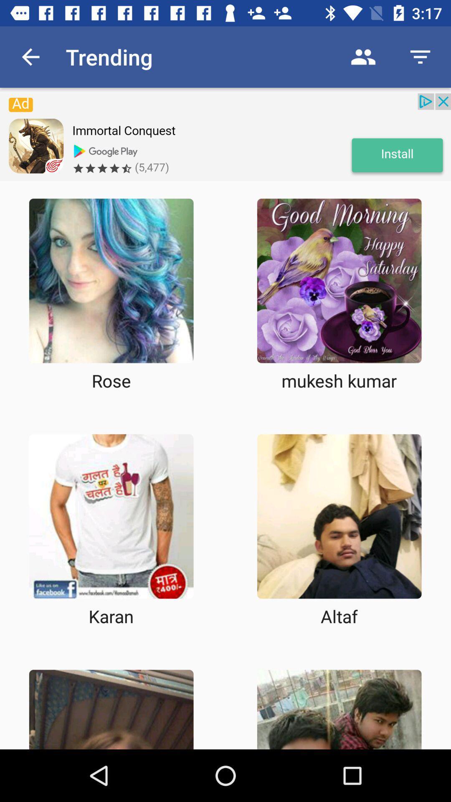  What do you see at coordinates (339, 281) in the screenshot?
I see `image display` at bounding box center [339, 281].